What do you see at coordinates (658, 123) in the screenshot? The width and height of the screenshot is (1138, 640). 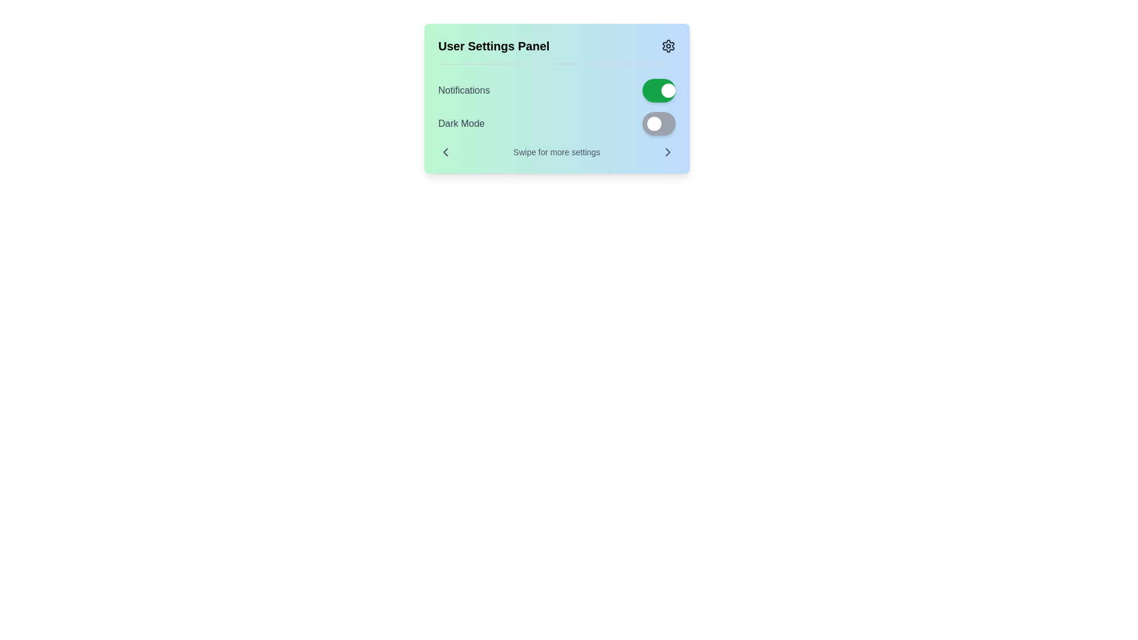 I see `the dark mode toggle button to change its state` at bounding box center [658, 123].